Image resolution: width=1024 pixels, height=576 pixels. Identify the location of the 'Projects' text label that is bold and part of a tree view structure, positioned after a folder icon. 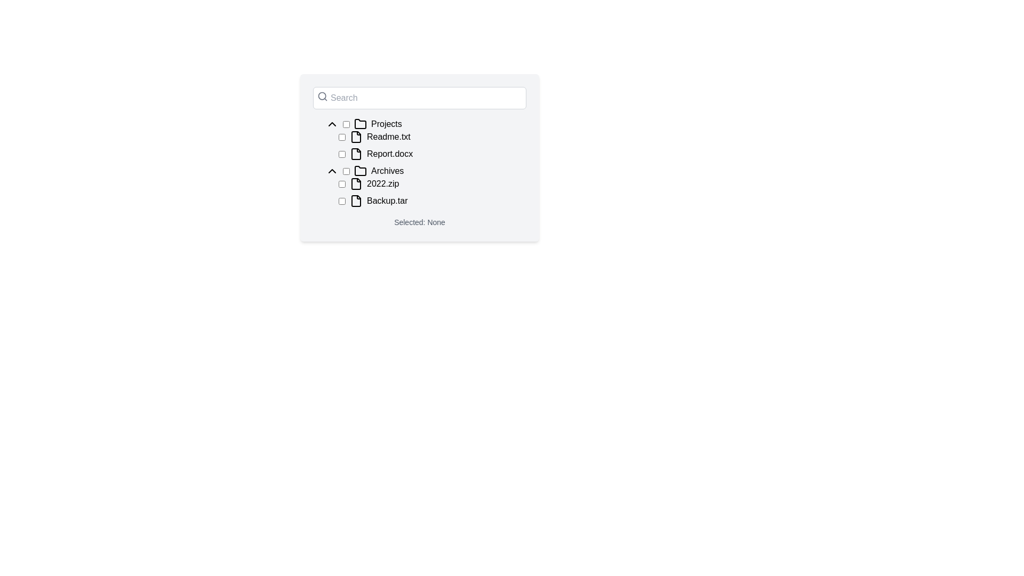
(386, 123).